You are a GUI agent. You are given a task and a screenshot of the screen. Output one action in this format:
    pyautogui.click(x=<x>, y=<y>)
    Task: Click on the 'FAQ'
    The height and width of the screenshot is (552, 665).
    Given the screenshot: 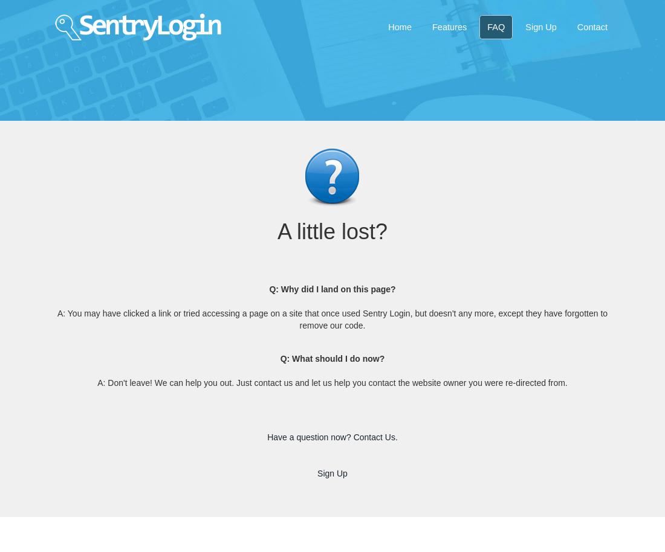 What is the action you would take?
    pyautogui.click(x=496, y=27)
    